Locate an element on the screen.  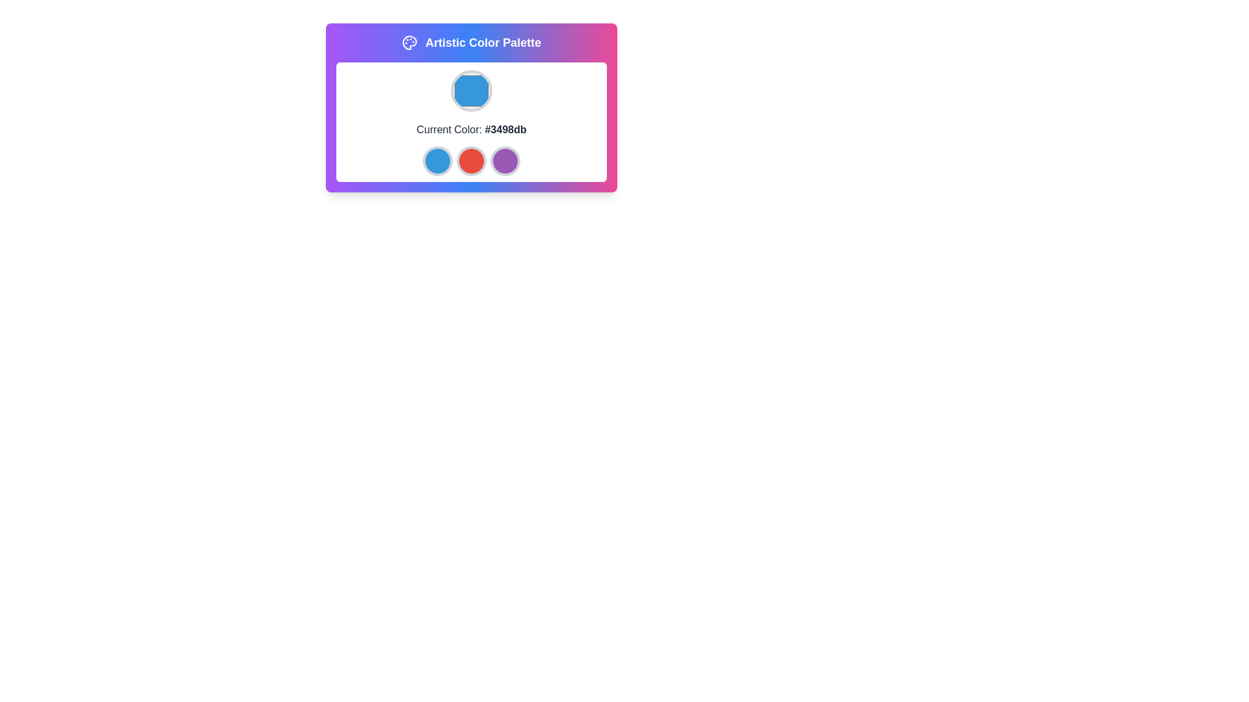
the third circular button from the left, which has a purple background and a subtle gray border is located at coordinates (505, 160).